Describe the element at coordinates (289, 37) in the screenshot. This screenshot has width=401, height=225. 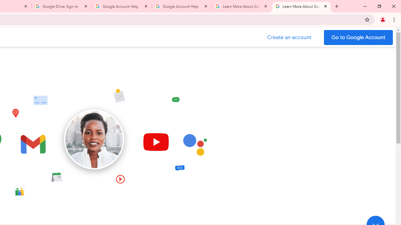
I see `'Create a Google Account'` at that location.